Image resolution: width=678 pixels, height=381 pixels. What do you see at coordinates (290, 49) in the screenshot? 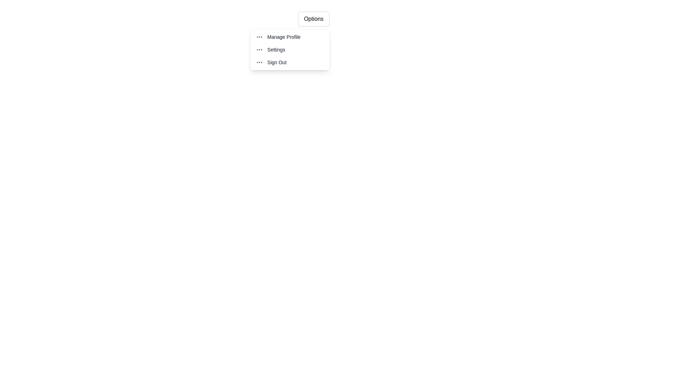
I see `the 'Settings' dropdown menu option located beneath the 'Options' button, which is the second option in the menu` at bounding box center [290, 49].